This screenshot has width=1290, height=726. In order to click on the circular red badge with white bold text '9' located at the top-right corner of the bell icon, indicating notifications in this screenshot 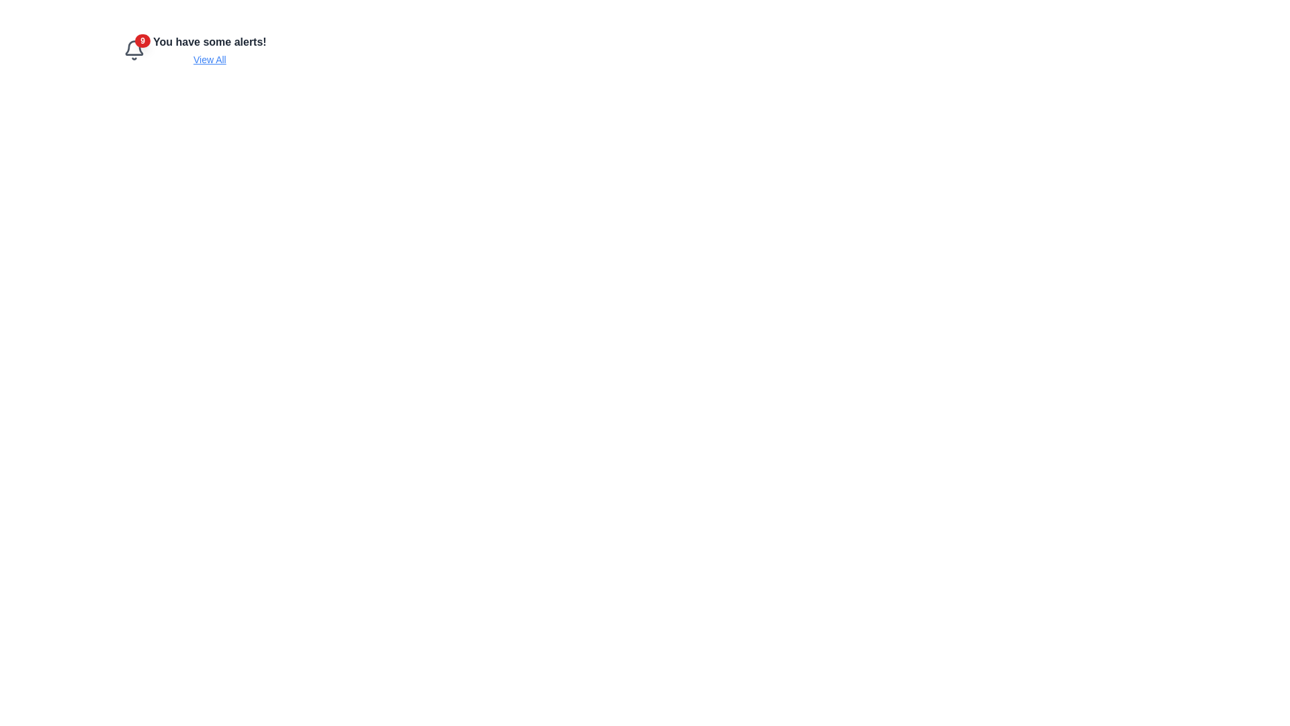, I will do `click(142, 40)`.